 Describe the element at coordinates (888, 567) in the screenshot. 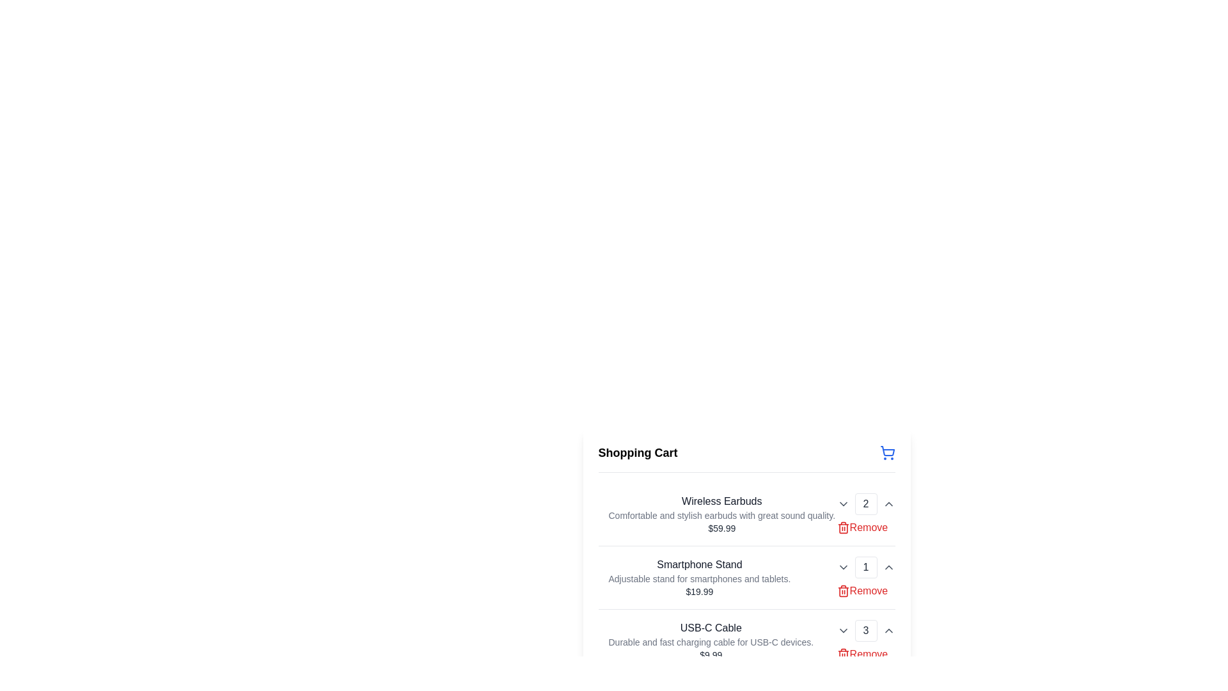

I see `the interactive chevron icon button, which is a small upward-facing arrowhead located to the right of the increment number box for the item count in the Shopping Cart area` at that location.